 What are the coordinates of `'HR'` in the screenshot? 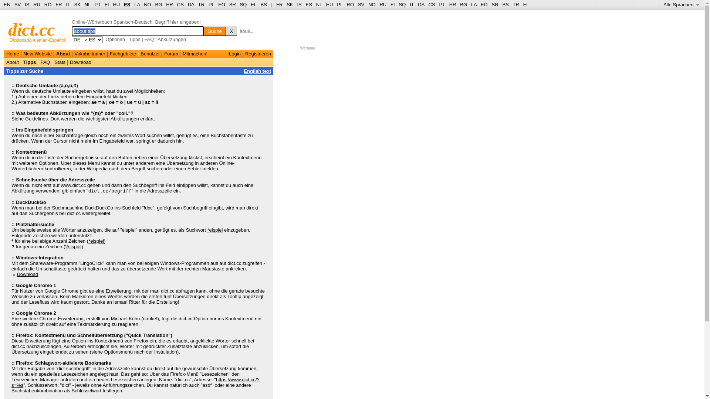 It's located at (166, 4).